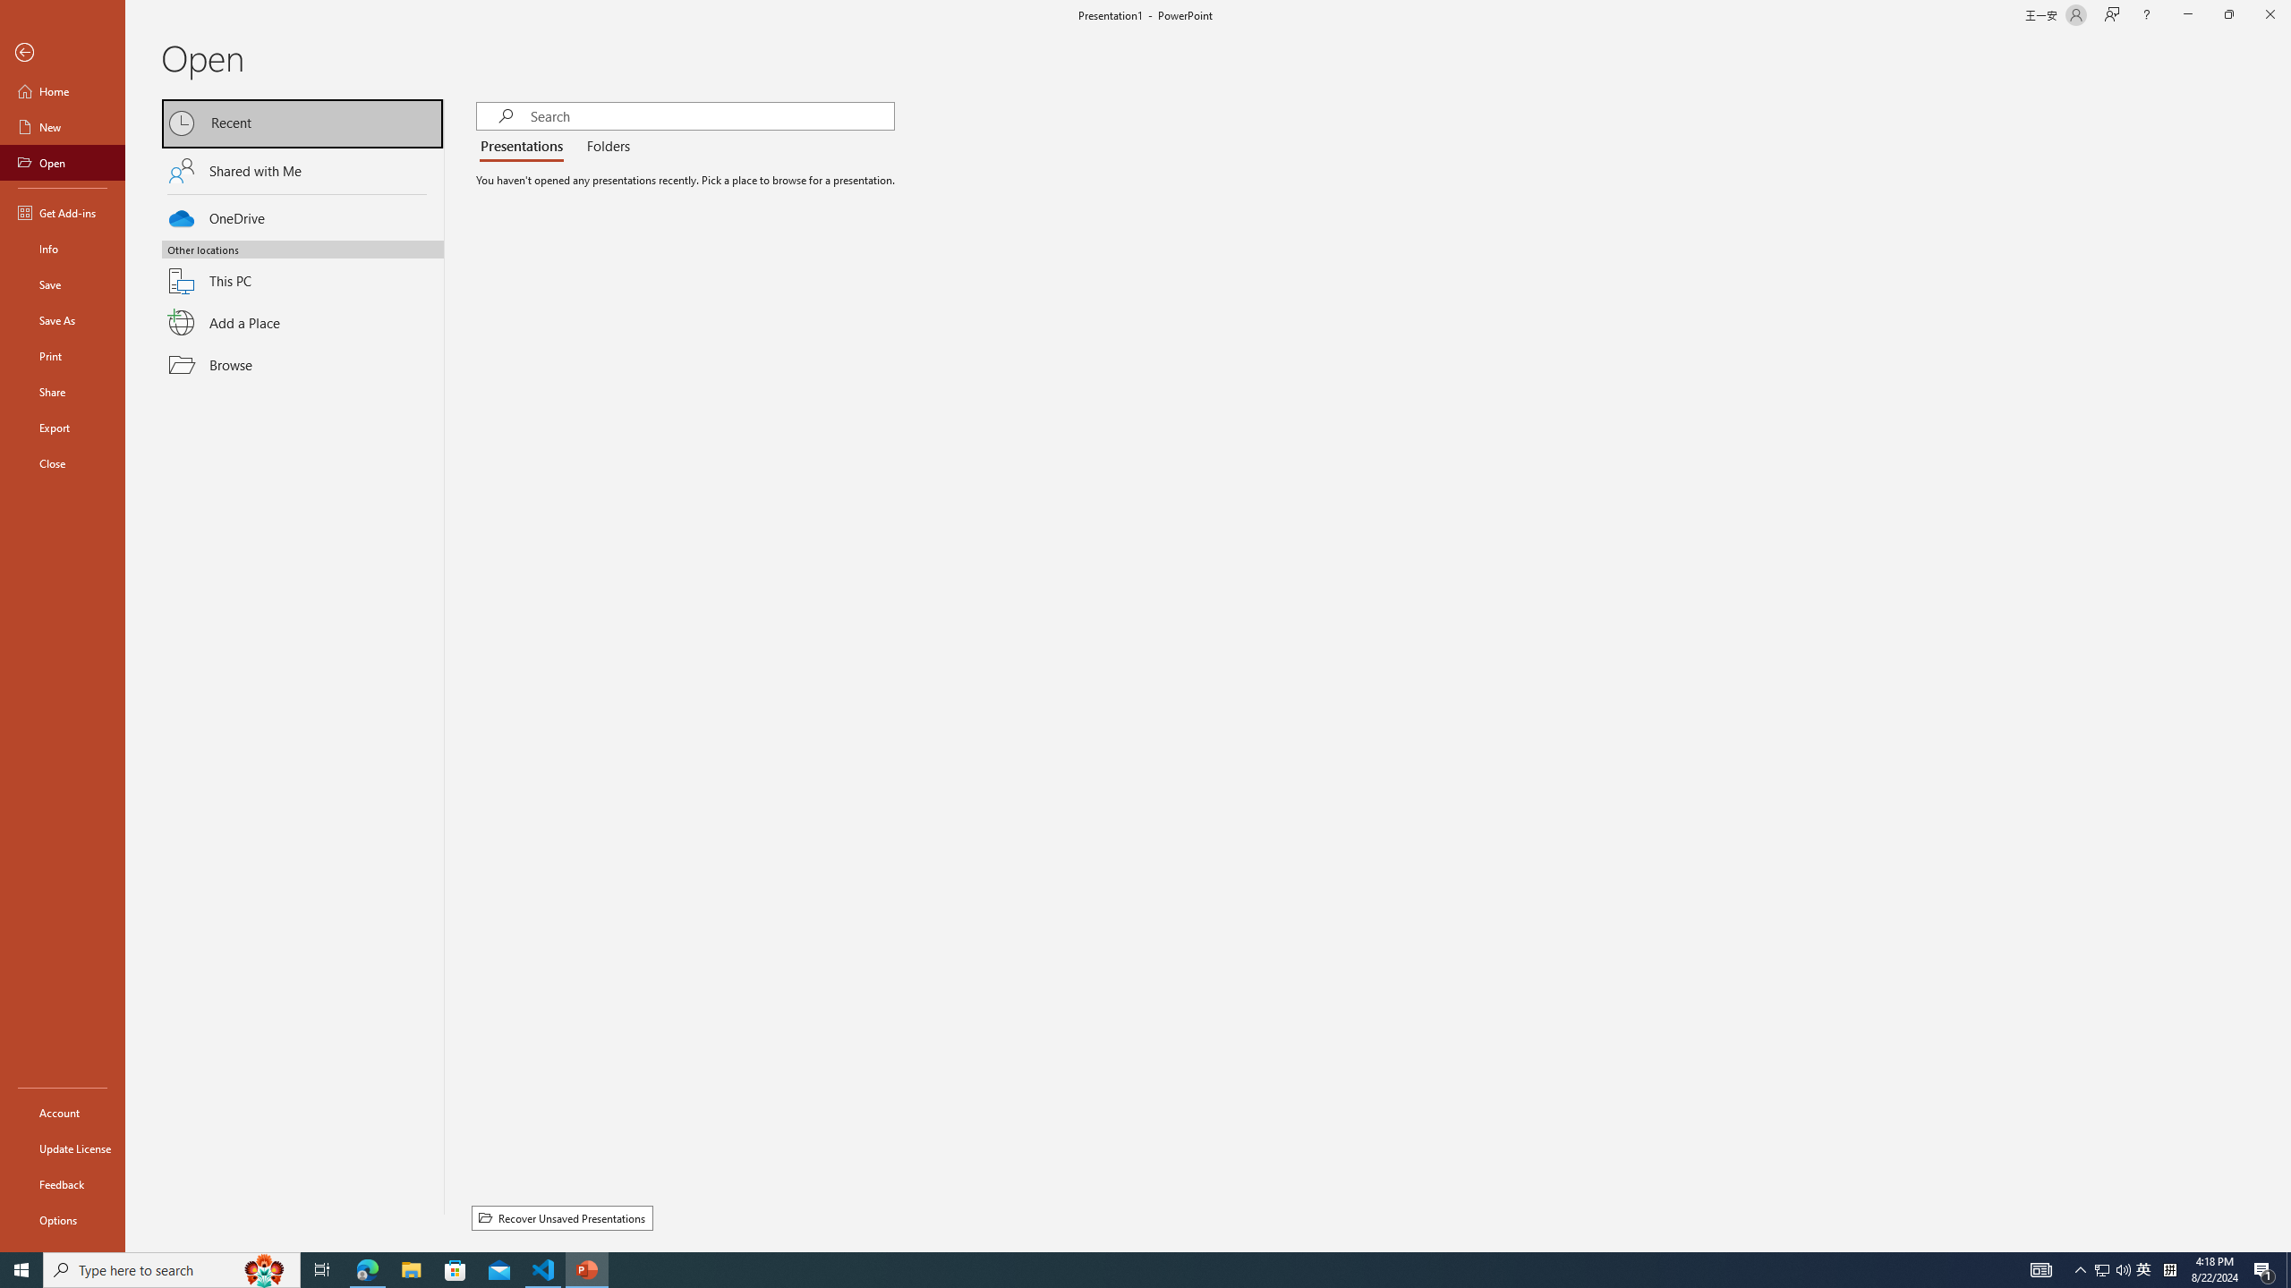  Describe the element at coordinates (62, 126) in the screenshot. I see `'New'` at that location.